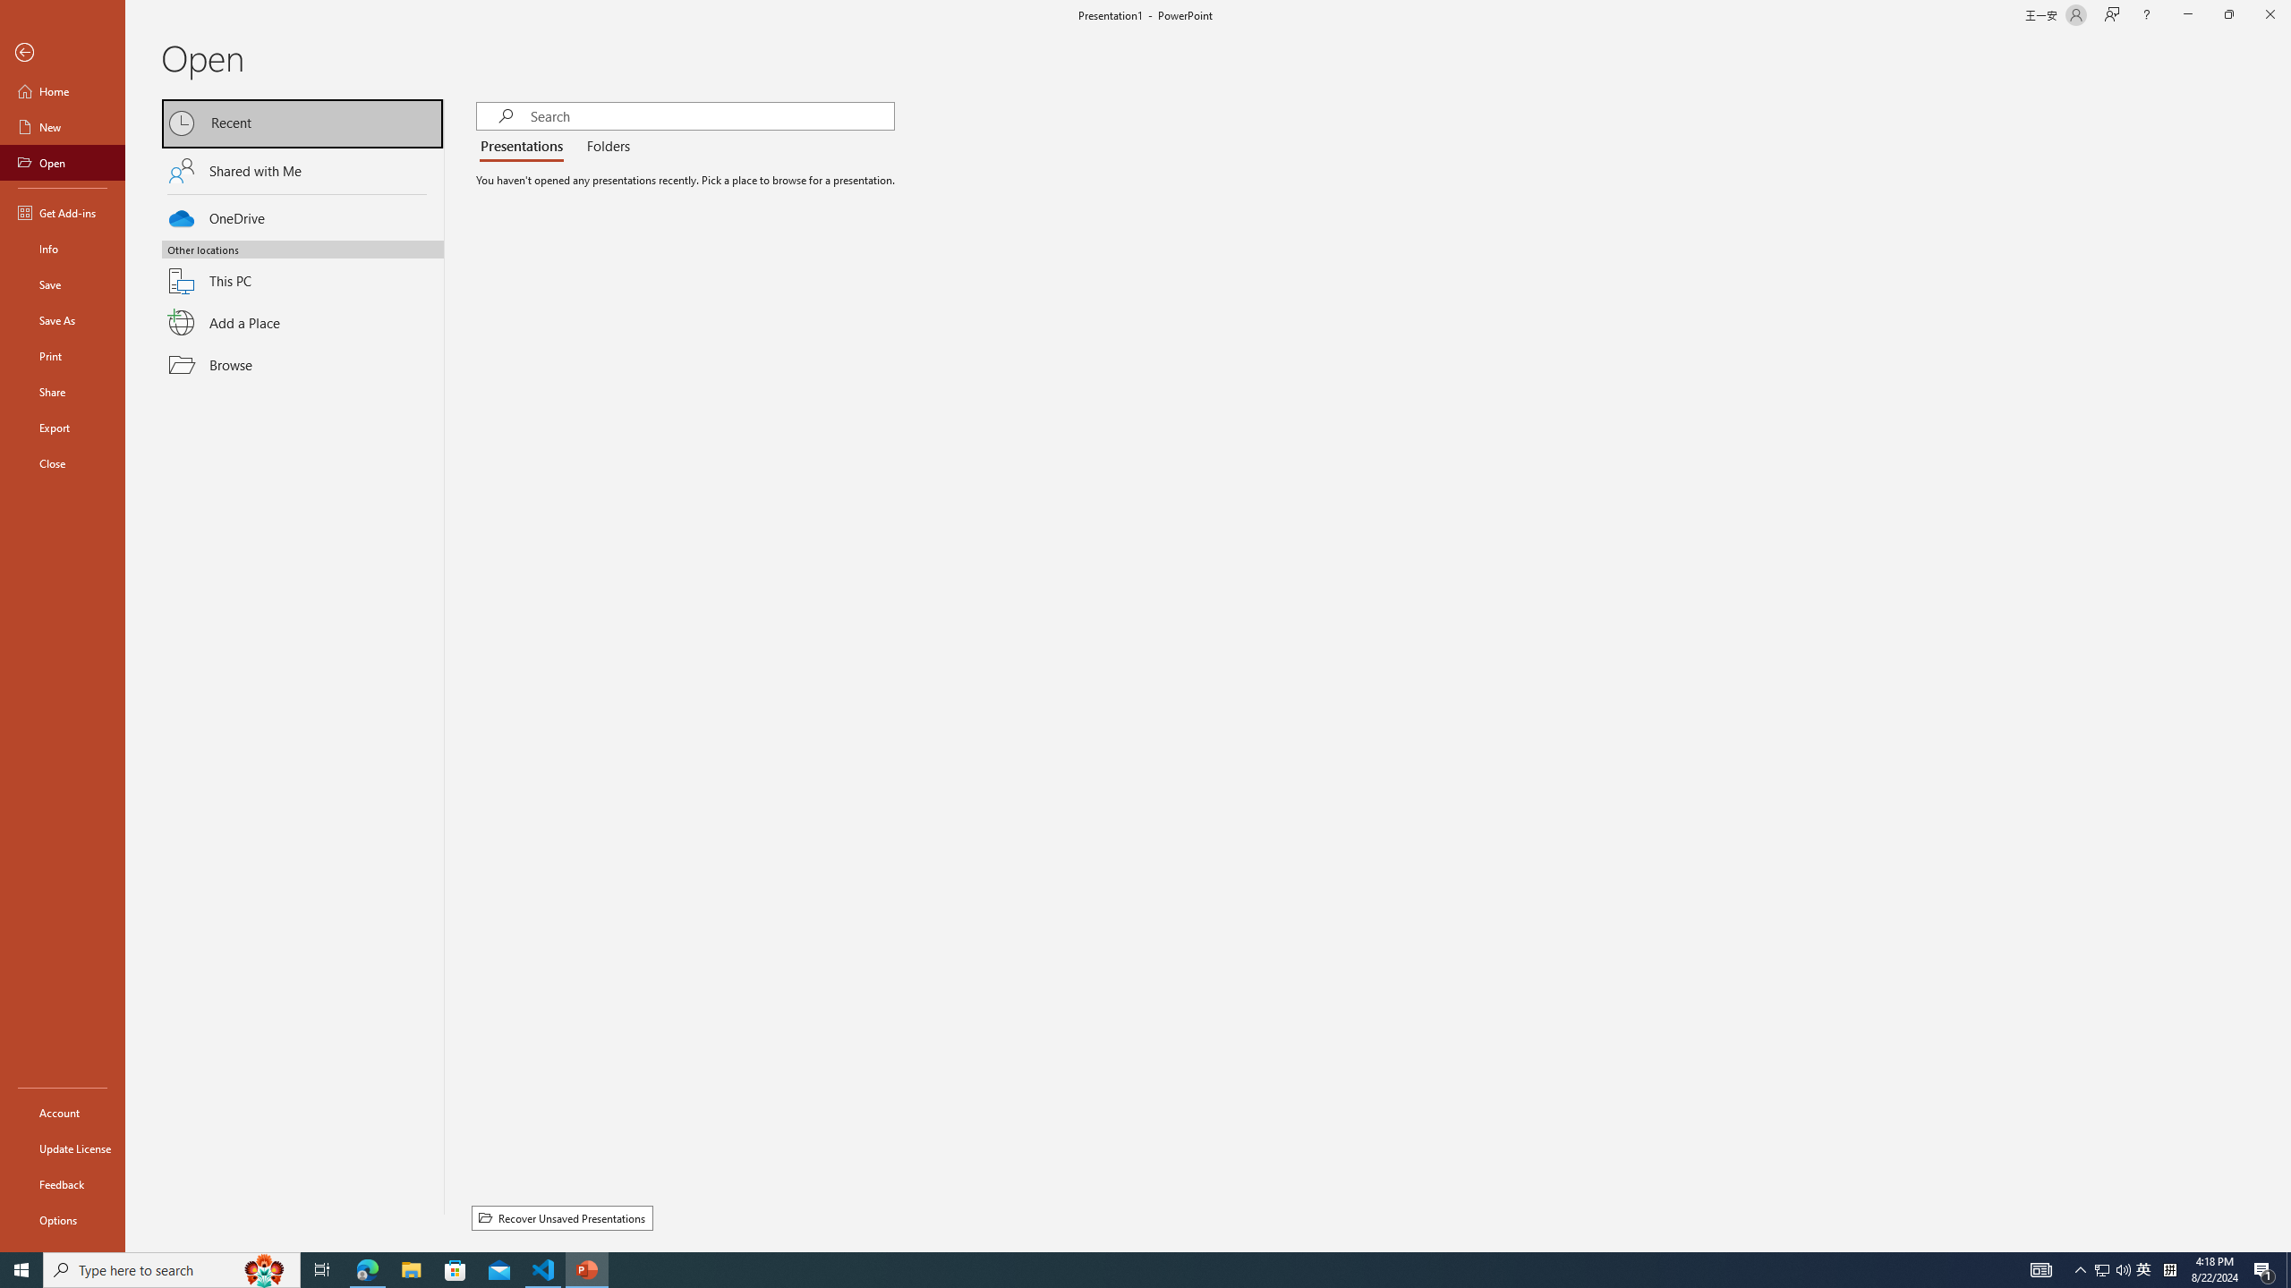  Describe the element at coordinates (62, 126) in the screenshot. I see `'New'` at that location.